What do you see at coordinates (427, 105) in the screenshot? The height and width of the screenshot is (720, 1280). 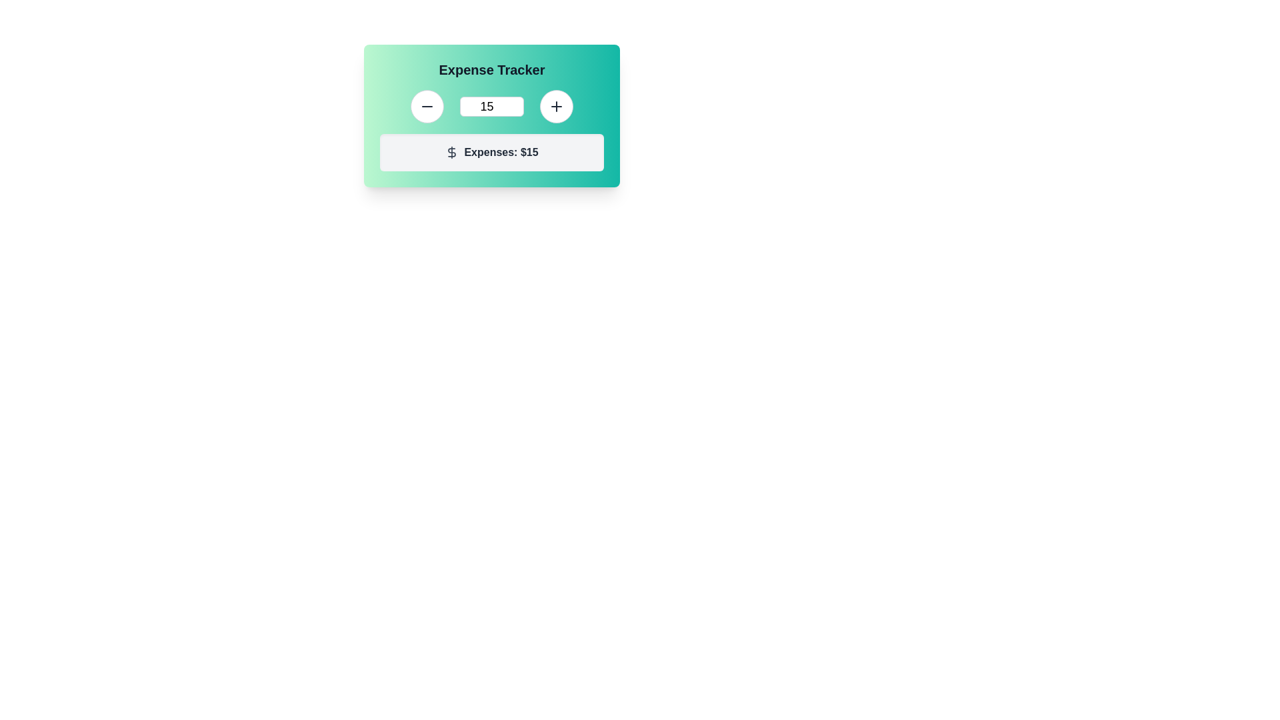 I see `the minus icon within the circular button that has a white background and a gray border, which is used for decreasing numeric values` at bounding box center [427, 105].